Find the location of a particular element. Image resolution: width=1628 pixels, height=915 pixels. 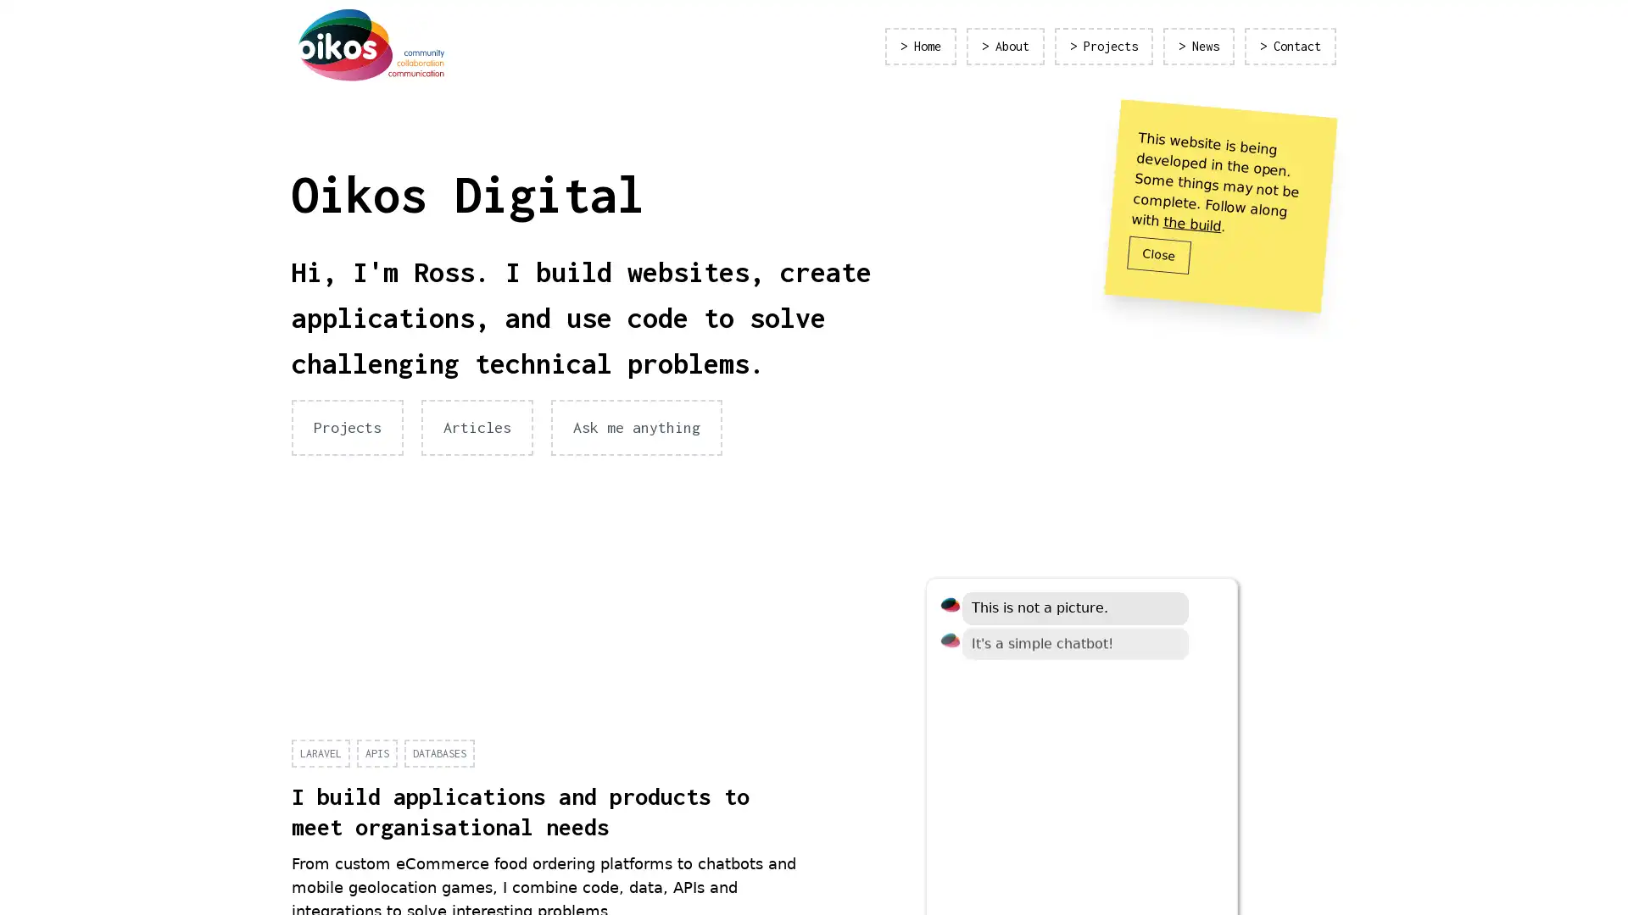

Close is located at coordinates (1158, 254).